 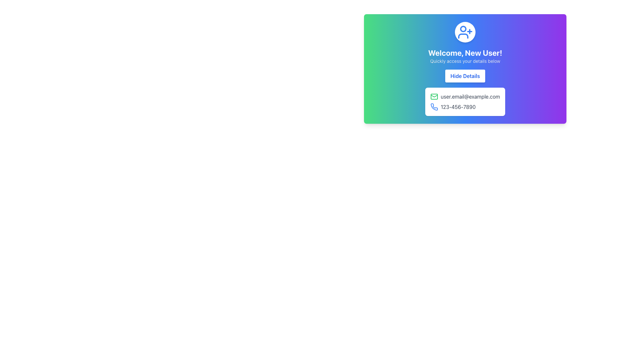 What do you see at coordinates (465, 97) in the screenshot?
I see `the email address displayed within the white rounded box, which is the first item in a vertical list on the card` at bounding box center [465, 97].